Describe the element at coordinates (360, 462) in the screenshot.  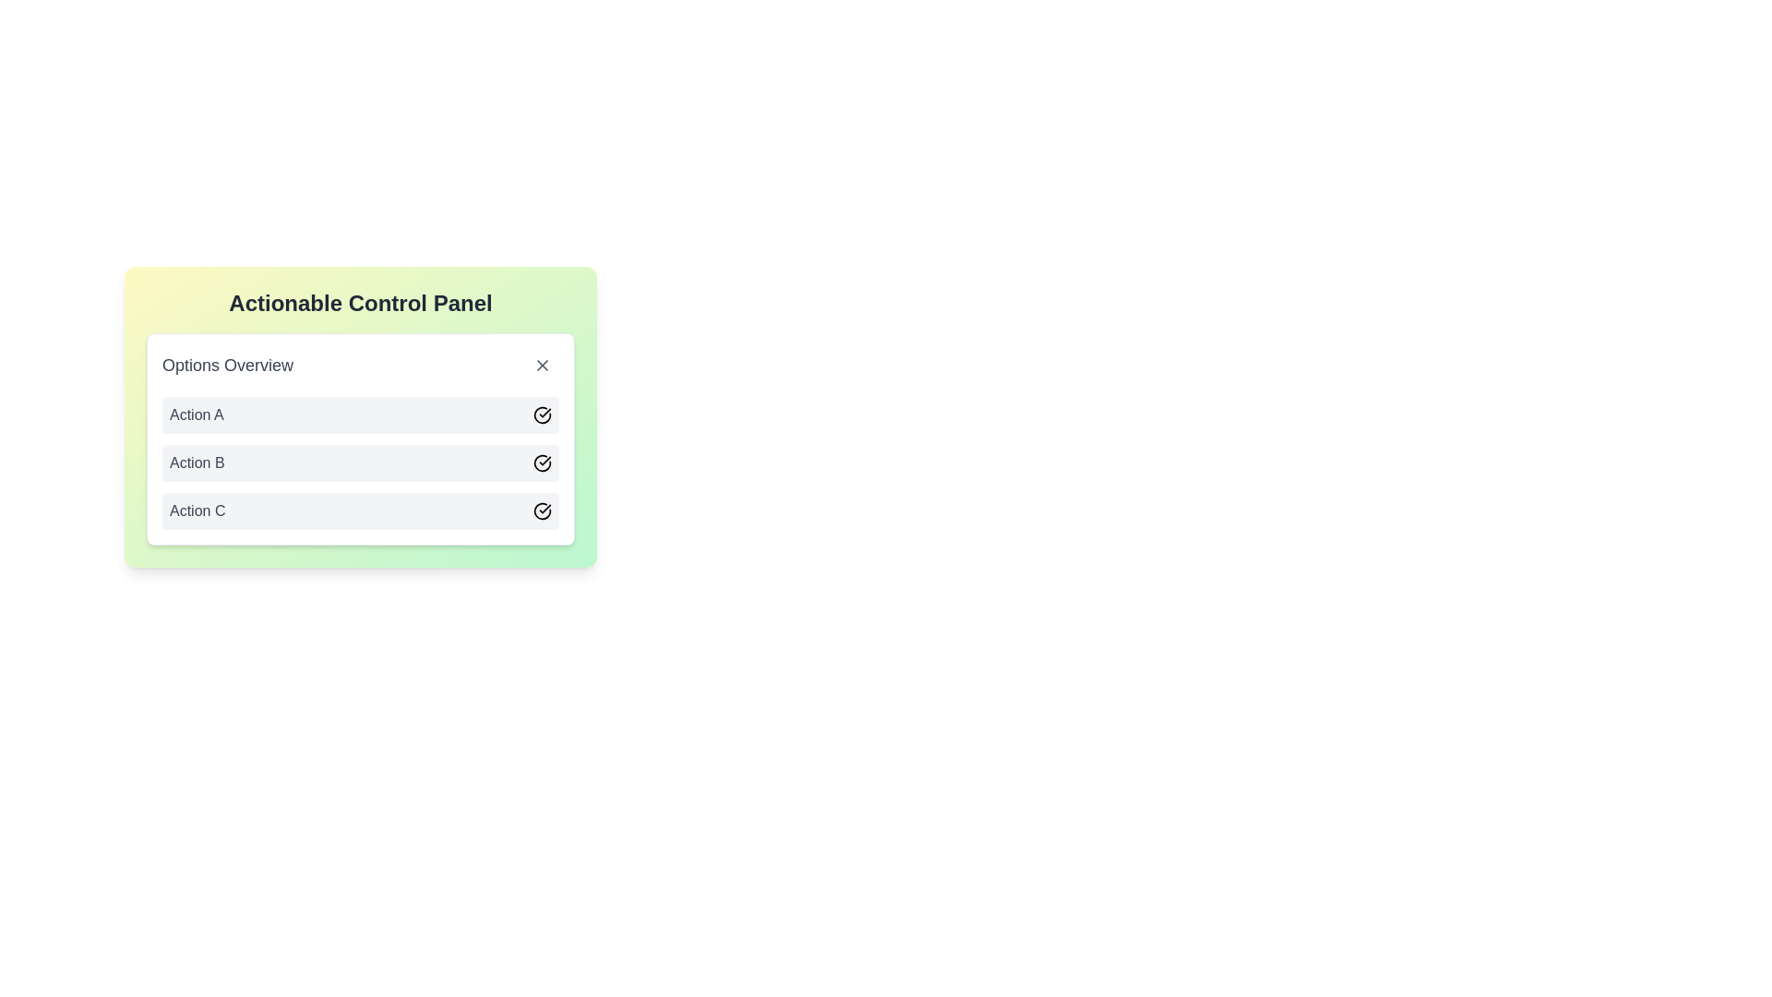
I see `the second item in the 'Options Overview' section labeled 'Action B'` at that location.